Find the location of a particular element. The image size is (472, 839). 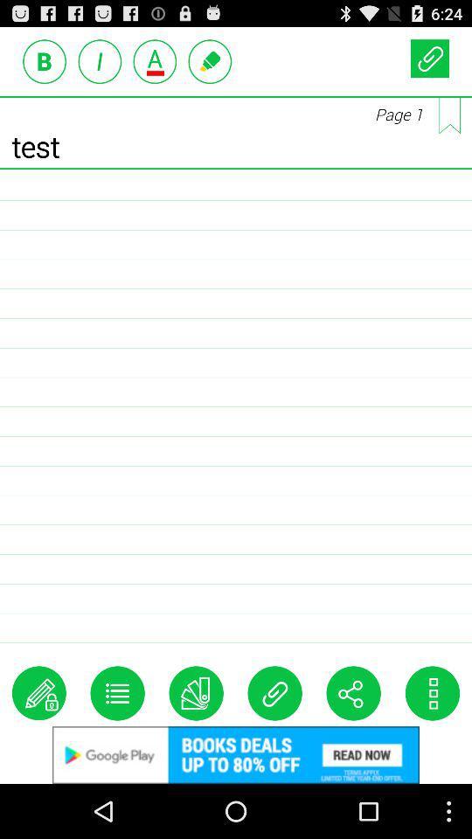

customize option is located at coordinates (117, 693).